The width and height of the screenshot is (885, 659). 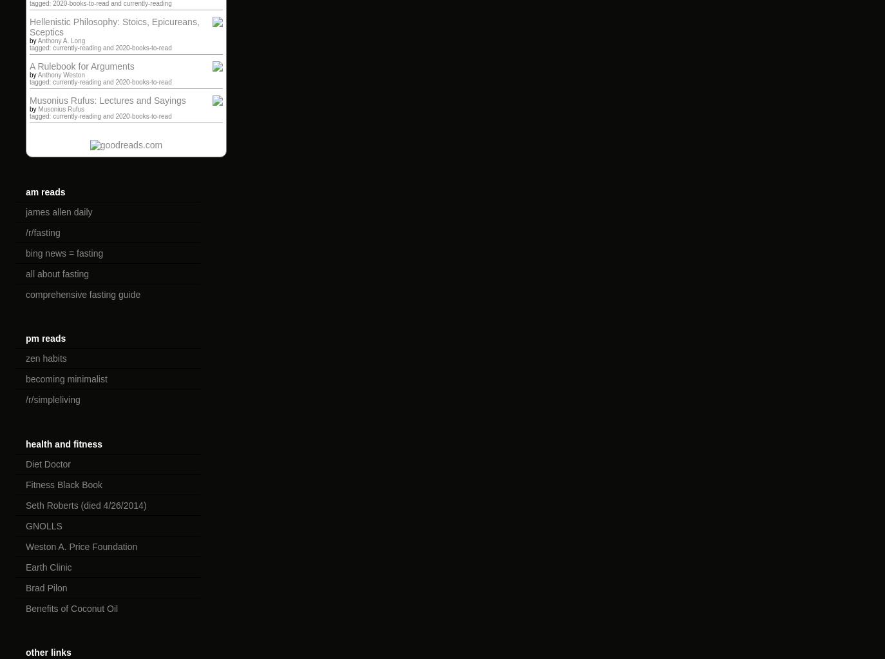 What do you see at coordinates (64, 252) in the screenshot?
I see `'bing news = fasting'` at bounding box center [64, 252].